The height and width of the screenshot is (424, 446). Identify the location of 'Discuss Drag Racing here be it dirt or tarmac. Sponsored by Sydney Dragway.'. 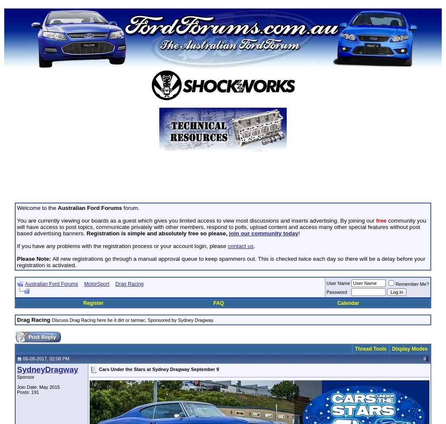
(133, 320).